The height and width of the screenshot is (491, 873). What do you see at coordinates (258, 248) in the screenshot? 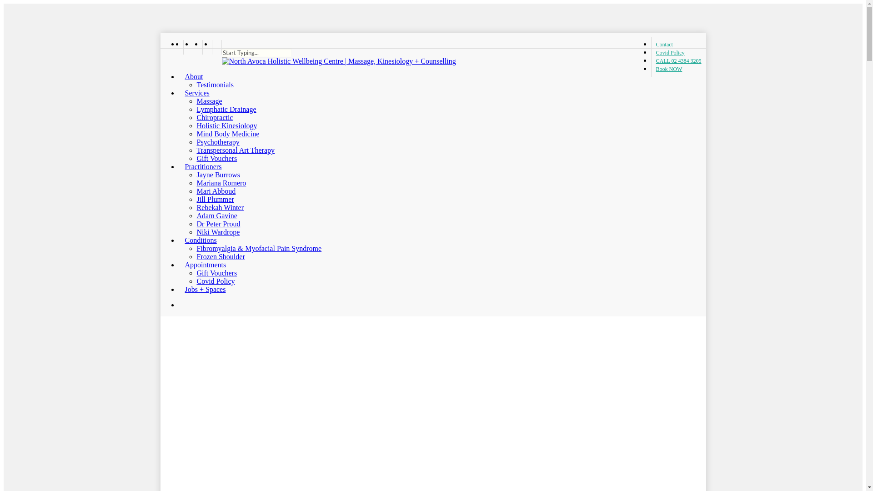
I see `'Fibromyalgia & Myofacial Pain Syndrome'` at bounding box center [258, 248].